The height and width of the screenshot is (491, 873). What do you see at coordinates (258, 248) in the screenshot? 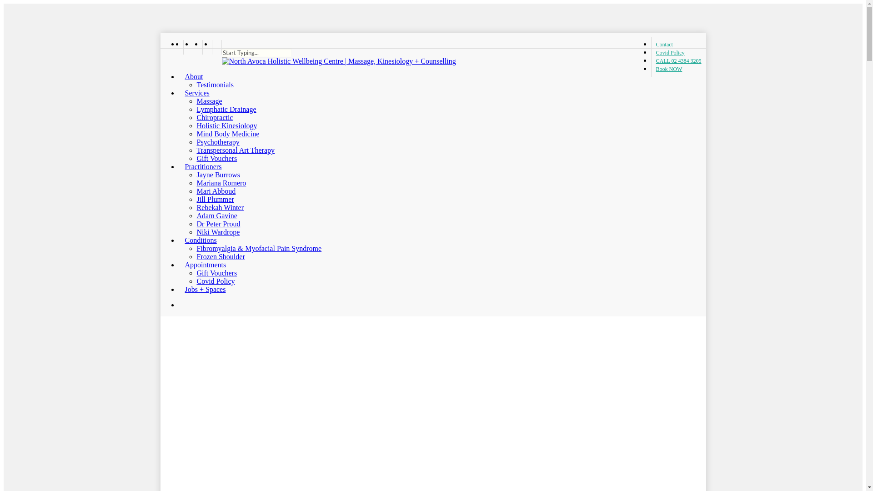
I see `'Fibromyalgia & Myofacial Pain Syndrome'` at bounding box center [258, 248].